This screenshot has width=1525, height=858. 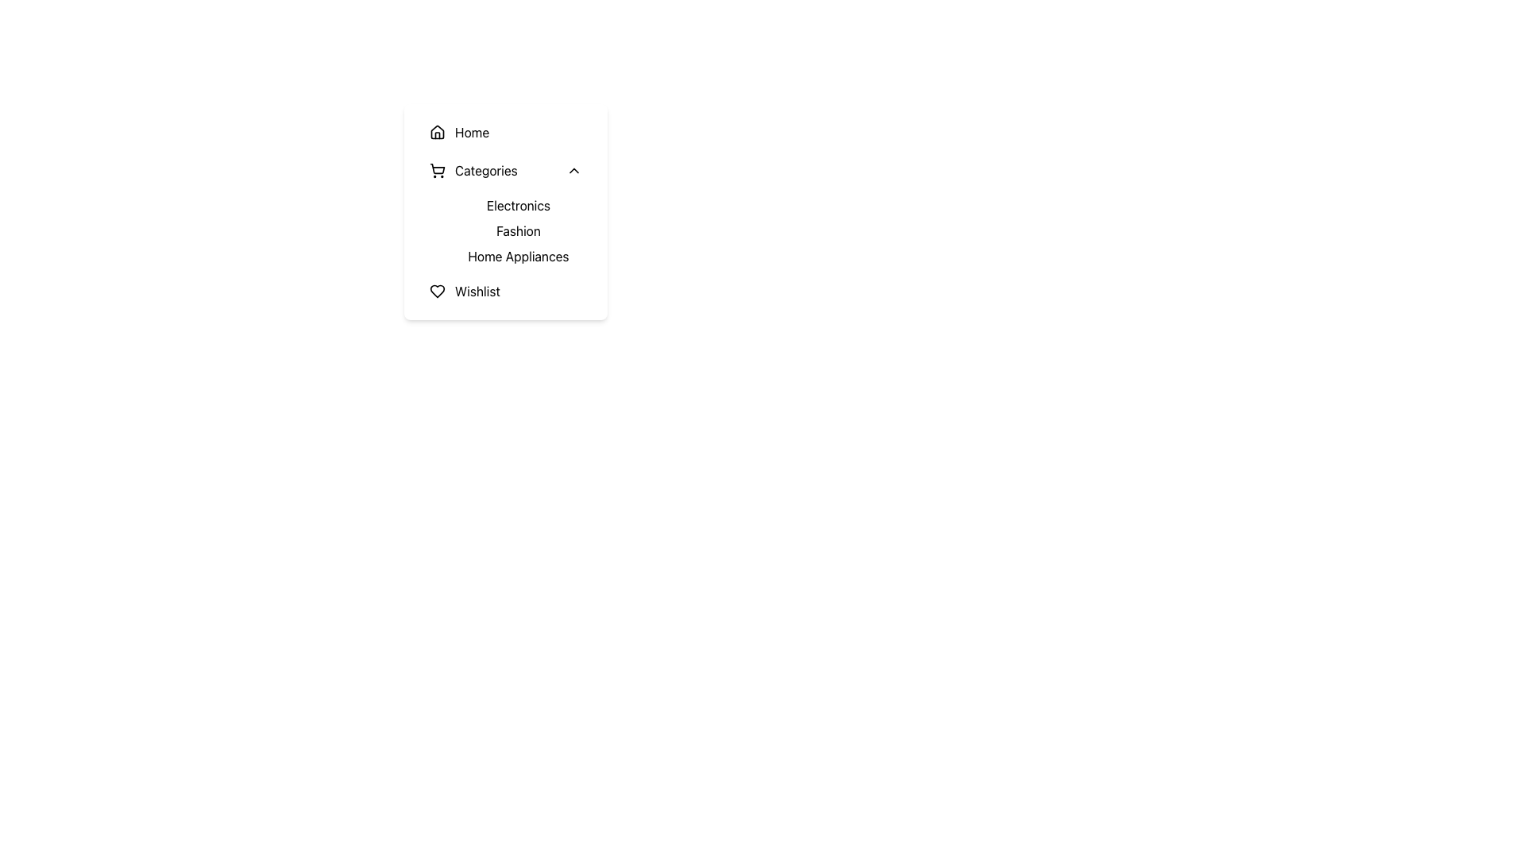 What do you see at coordinates (477, 291) in the screenshot?
I see `the text label displaying 'Wishlist' in black font located in the vertical navigation menu at the bottom of the list` at bounding box center [477, 291].